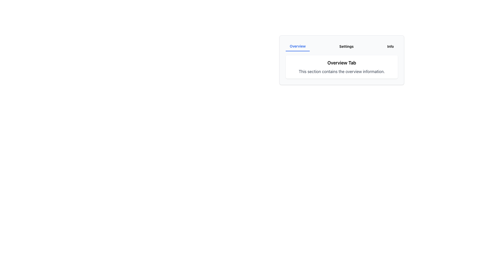 The height and width of the screenshot is (273, 485). I want to click on displayed information in the Content Panel titled 'Overview Tab' which contains overview information and is located below the navigation bar, so click(342, 60).